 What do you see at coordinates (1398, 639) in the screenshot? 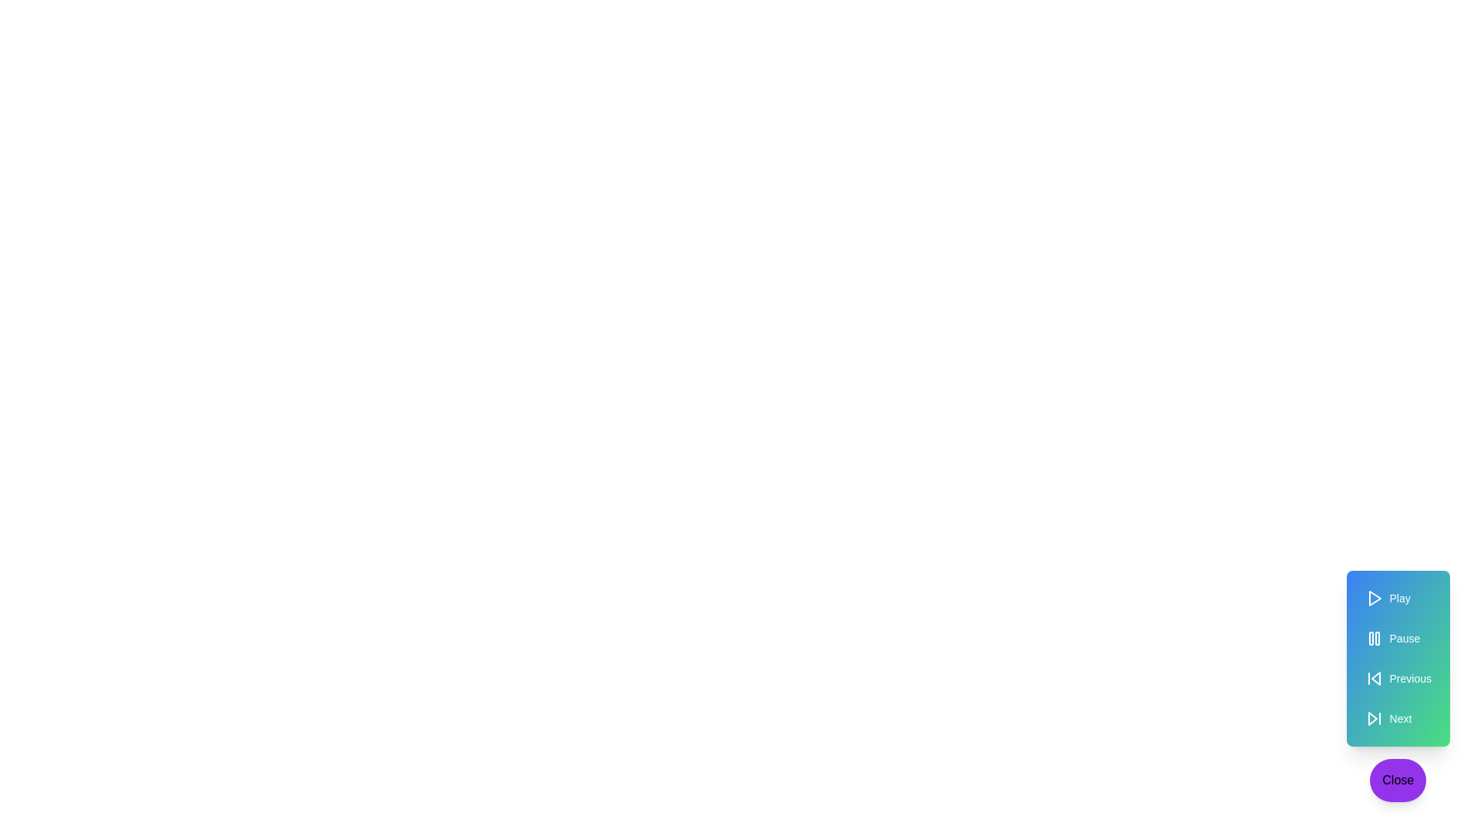
I see `'Pause' button to pause the media` at bounding box center [1398, 639].